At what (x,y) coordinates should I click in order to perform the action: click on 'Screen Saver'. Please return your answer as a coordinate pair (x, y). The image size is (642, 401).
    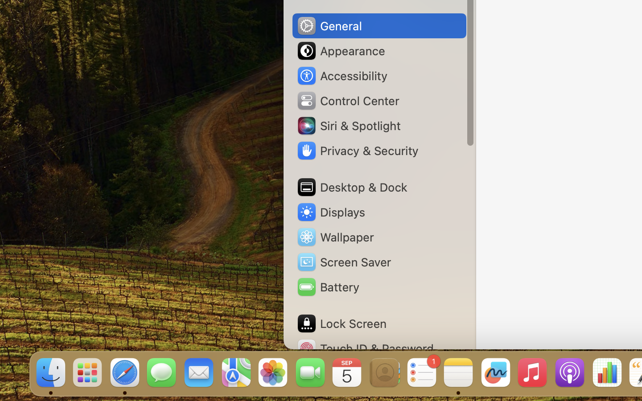
    Looking at the image, I should click on (343, 262).